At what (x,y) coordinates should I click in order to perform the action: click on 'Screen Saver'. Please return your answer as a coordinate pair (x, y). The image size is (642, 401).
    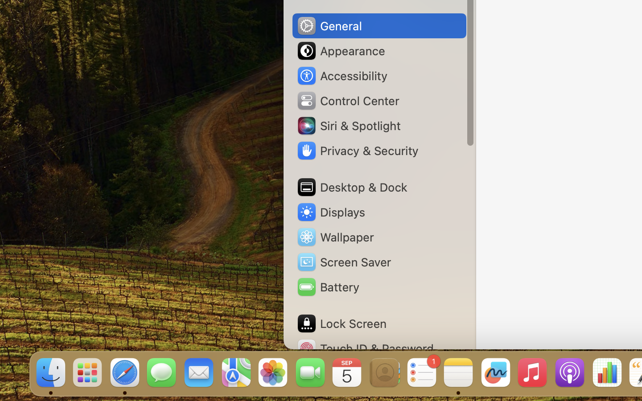
    Looking at the image, I should click on (343, 262).